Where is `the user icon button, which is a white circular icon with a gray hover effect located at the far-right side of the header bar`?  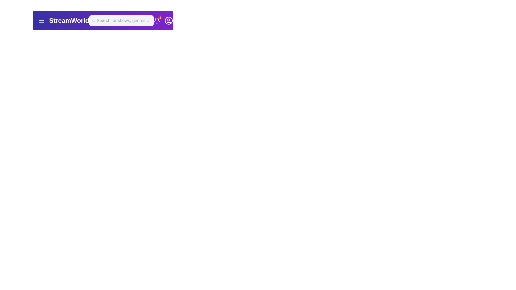
the user icon button, which is a white circular icon with a gray hover effect located at the far-right side of the header bar is located at coordinates (168, 20).